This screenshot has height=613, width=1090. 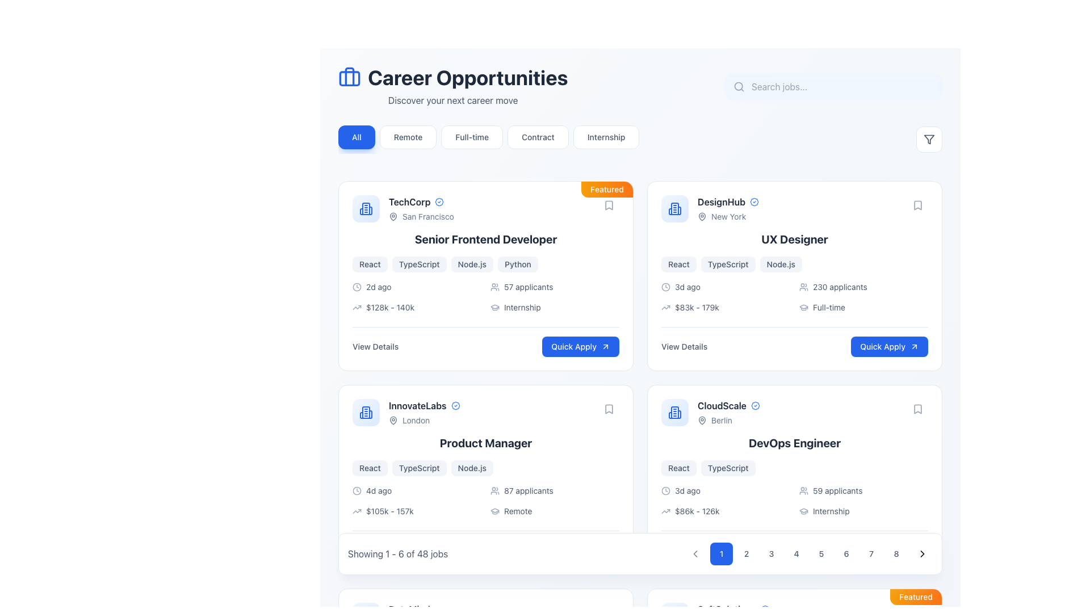 I want to click on the blue outlined building icon within the circular gradient background on the job listing tile for the 'DevOps Engineer' position by 'CloudScale', so click(x=675, y=412).